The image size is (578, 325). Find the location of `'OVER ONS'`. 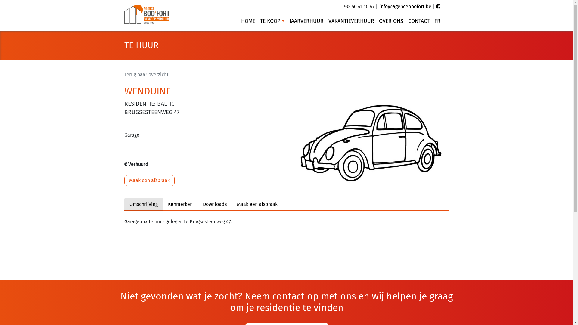

'OVER ONS' is located at coordinates (391, 21).